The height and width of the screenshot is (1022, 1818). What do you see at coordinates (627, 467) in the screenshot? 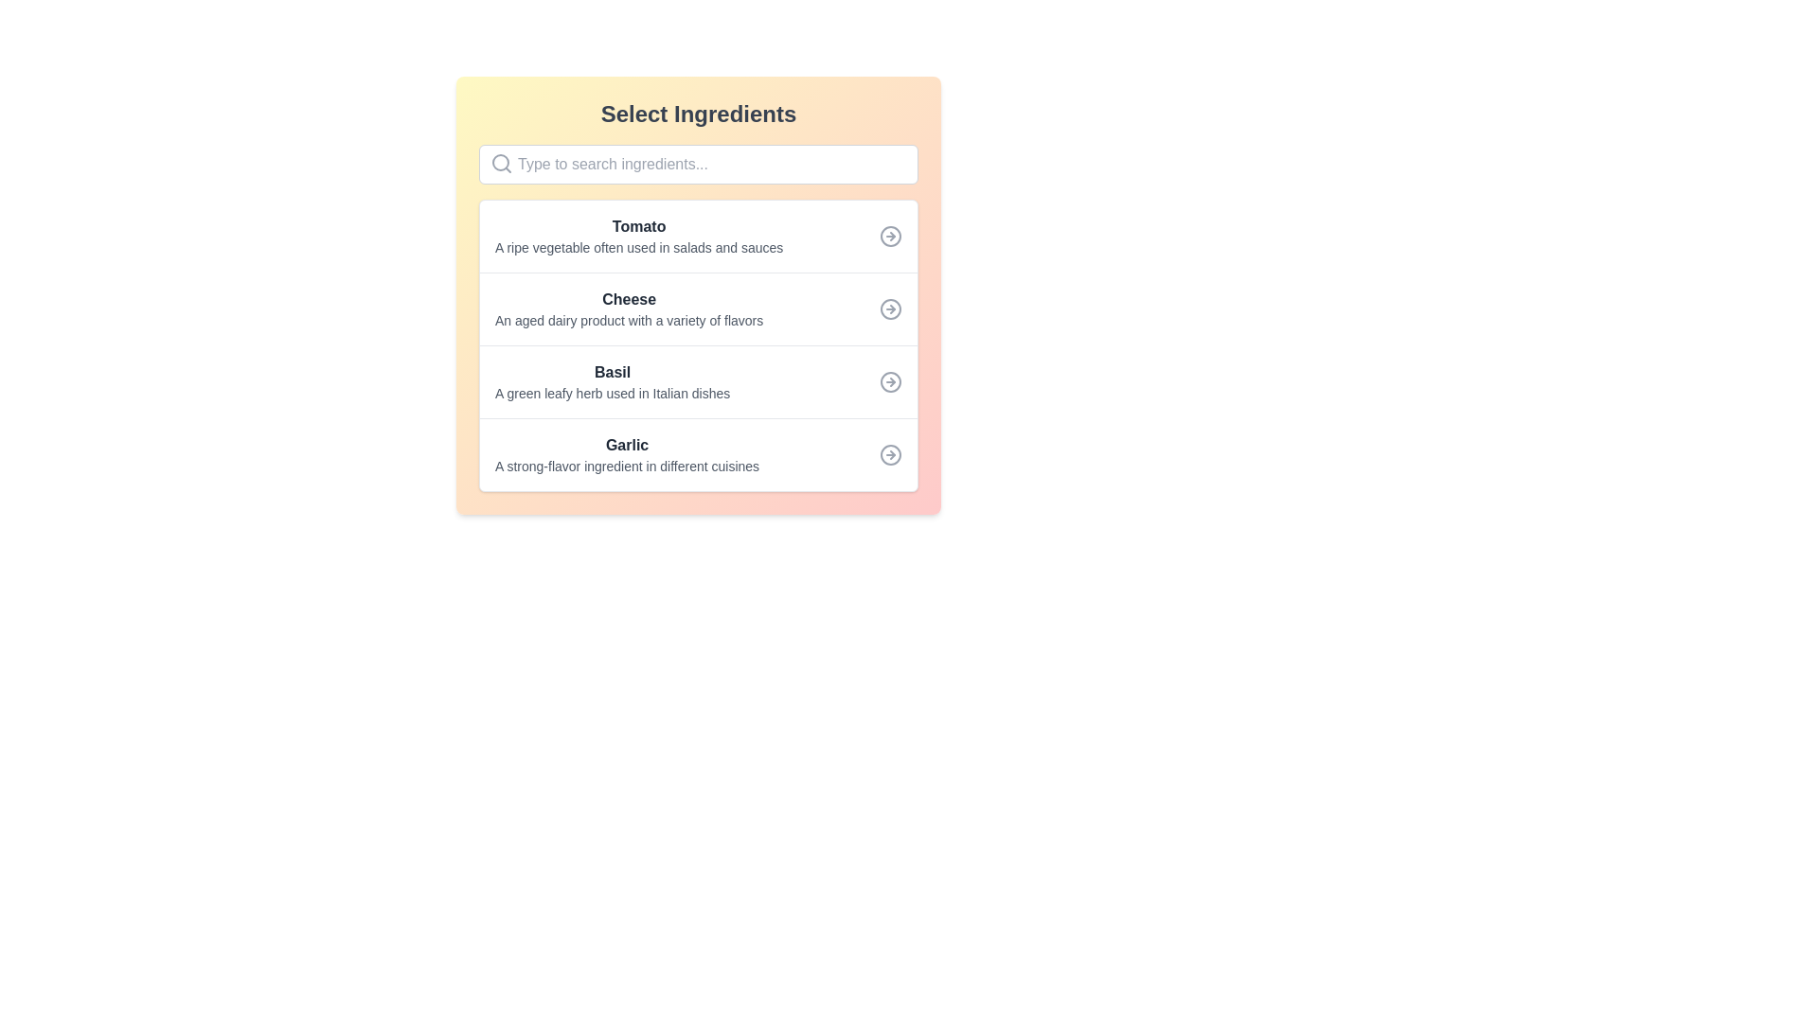
I see `the descriptive text label that reads 'A strong-flavor ingredient in different cuisines,' which is styled in a smaller grey font and positioned below the bold title 'Garlic.'` at bounding box center [627, 467].